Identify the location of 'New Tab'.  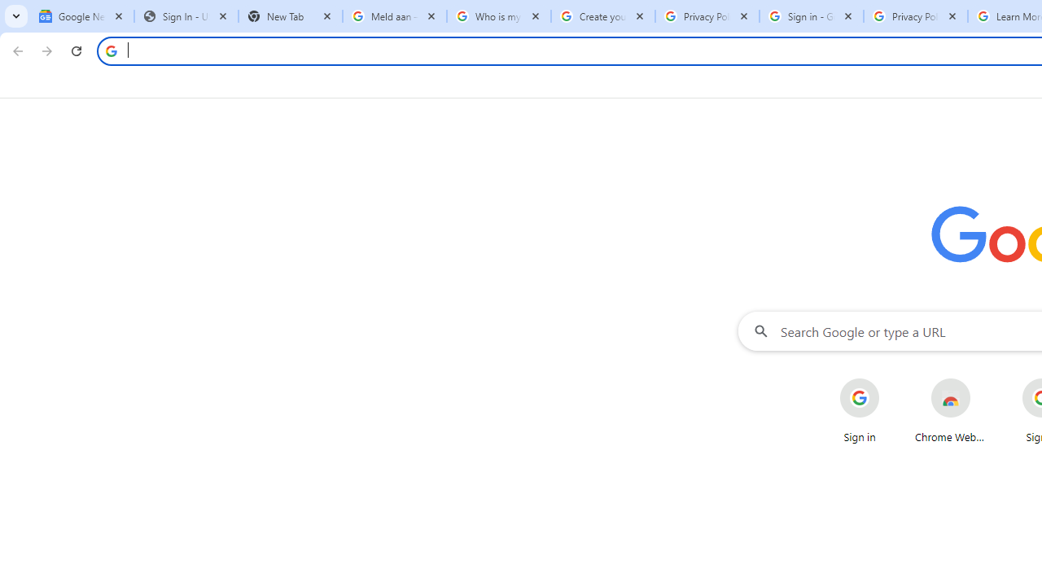
(291, 16).